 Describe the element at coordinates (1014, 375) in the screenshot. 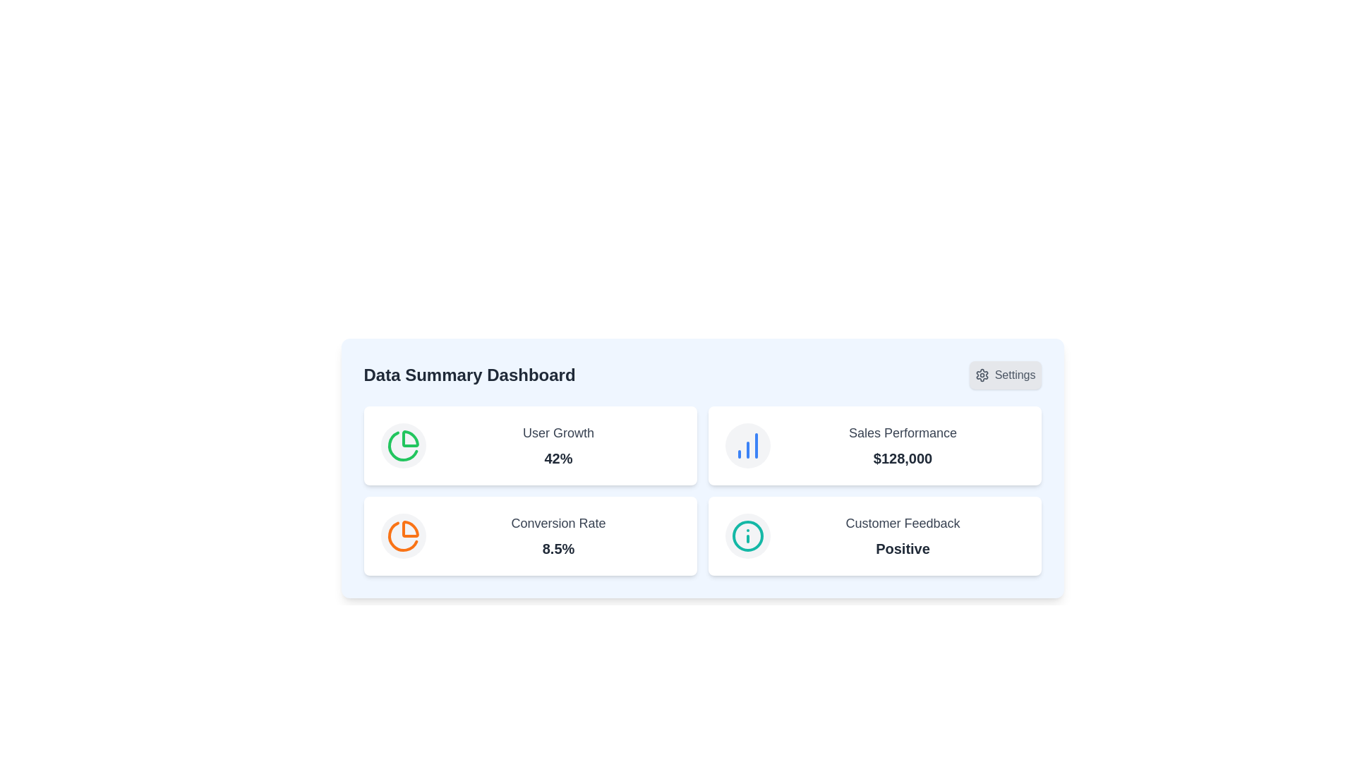

I see `label text indicating the functionality of the settings button, positioned in the top-right corner of the interface, adjacent to the header text of the dashboard` at that location.